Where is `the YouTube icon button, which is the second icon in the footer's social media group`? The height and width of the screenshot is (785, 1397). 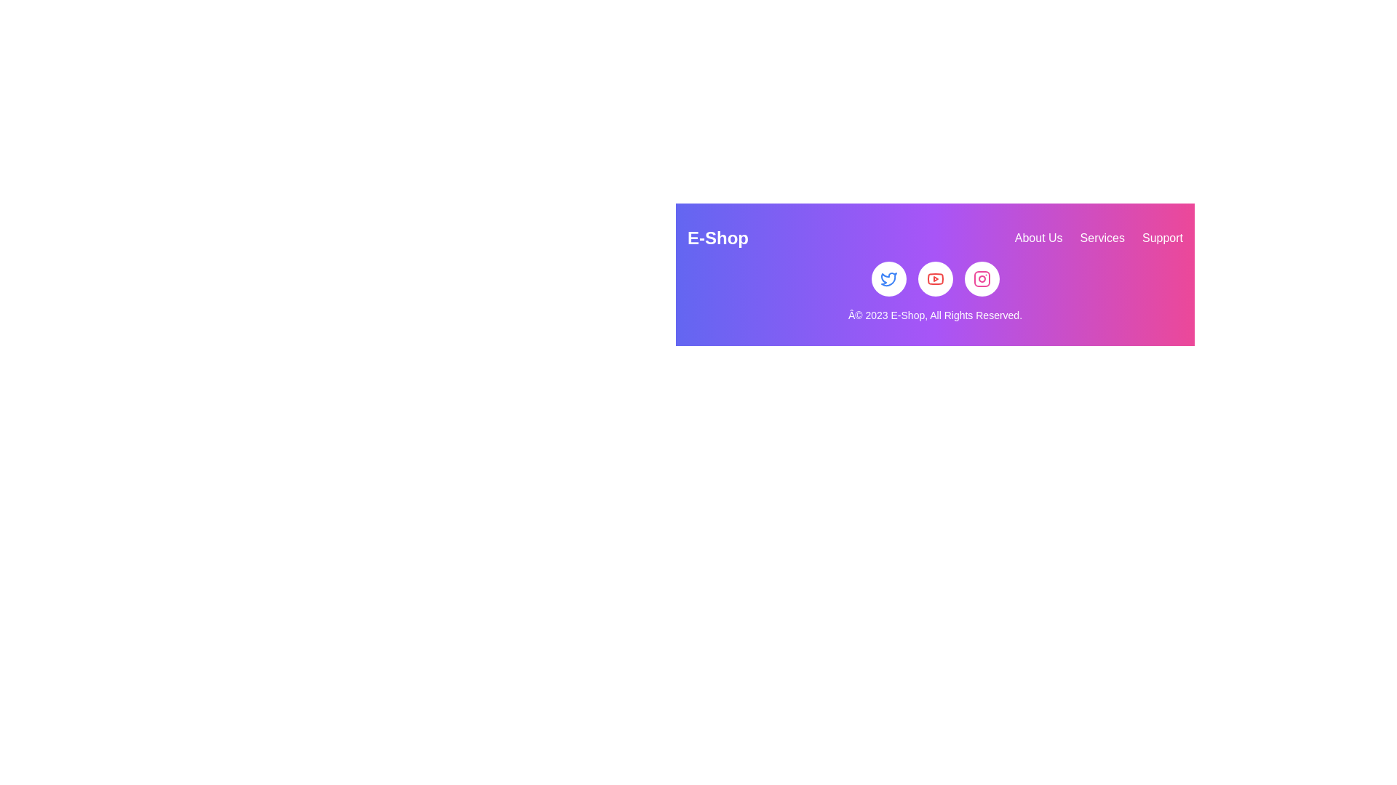
the YouTube icon button, which is the second icon in the footer's social media group is located at coordinates (935, 279).